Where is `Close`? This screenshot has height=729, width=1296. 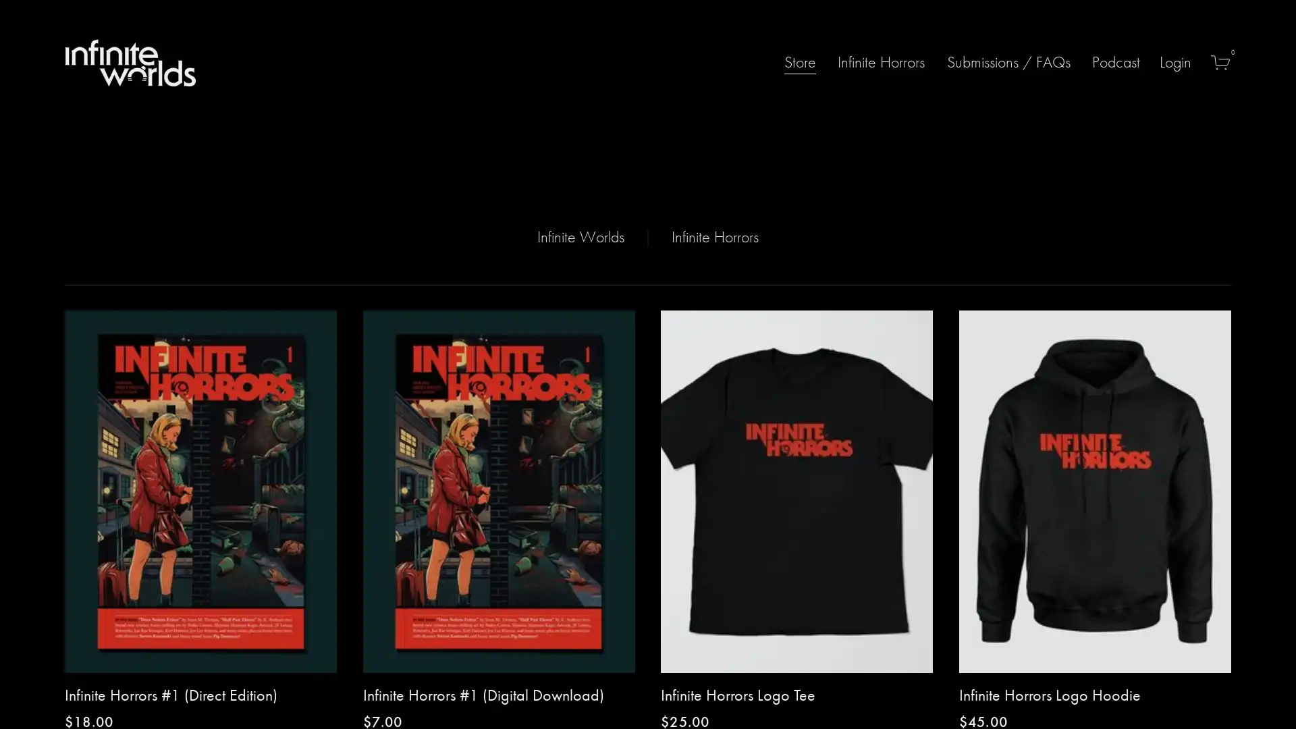 Close is located at coordinates (835, 244).